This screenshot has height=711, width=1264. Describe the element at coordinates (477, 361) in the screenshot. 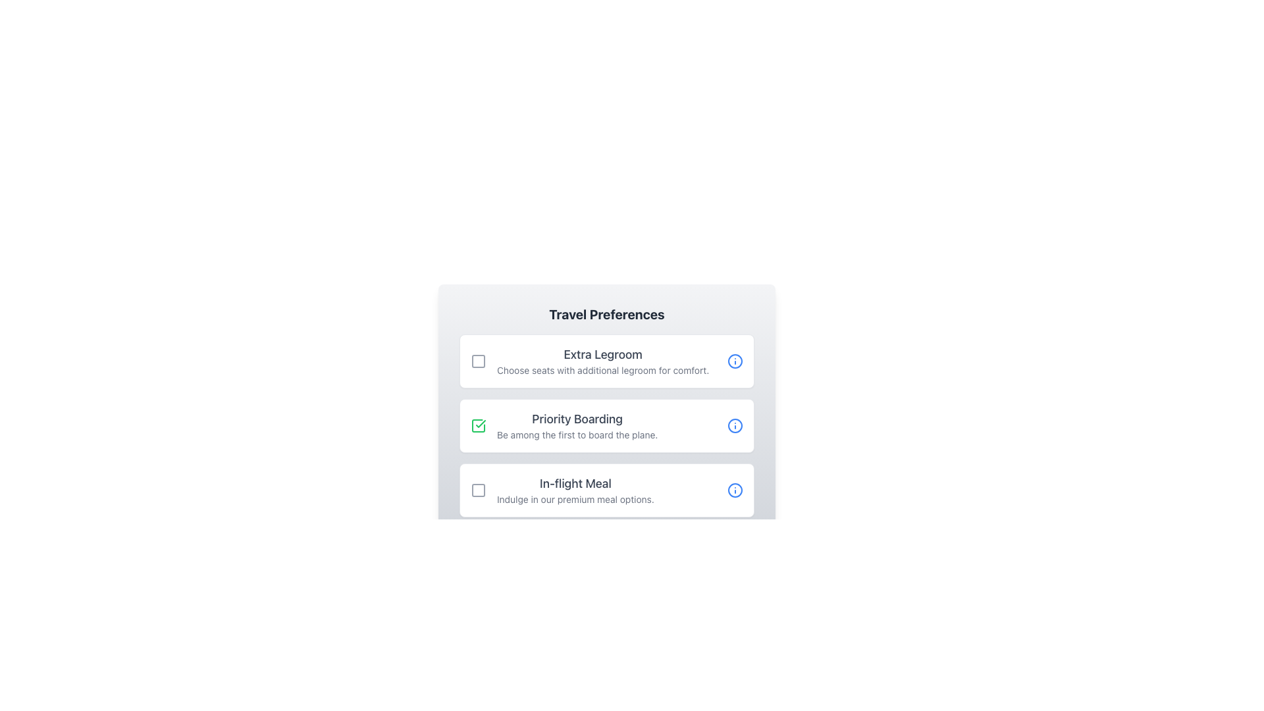

I see `the checkbox with a light gray border and white background located next to the 'Extra Legroom' text to deselect it` at that location.